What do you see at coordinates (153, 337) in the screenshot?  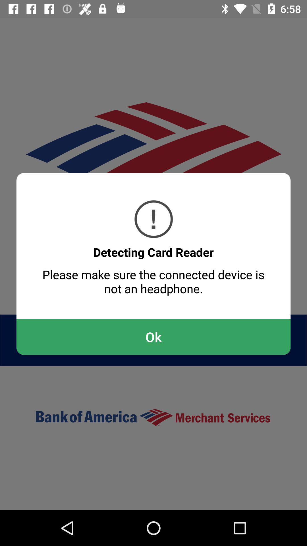 I see `the ok item` at bounding box center [153, 337].